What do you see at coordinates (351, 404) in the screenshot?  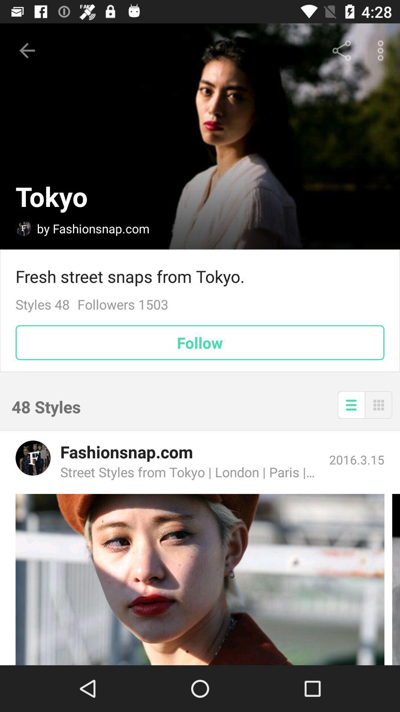 I see `the icon below the follow` at bounding box center [351, 404].